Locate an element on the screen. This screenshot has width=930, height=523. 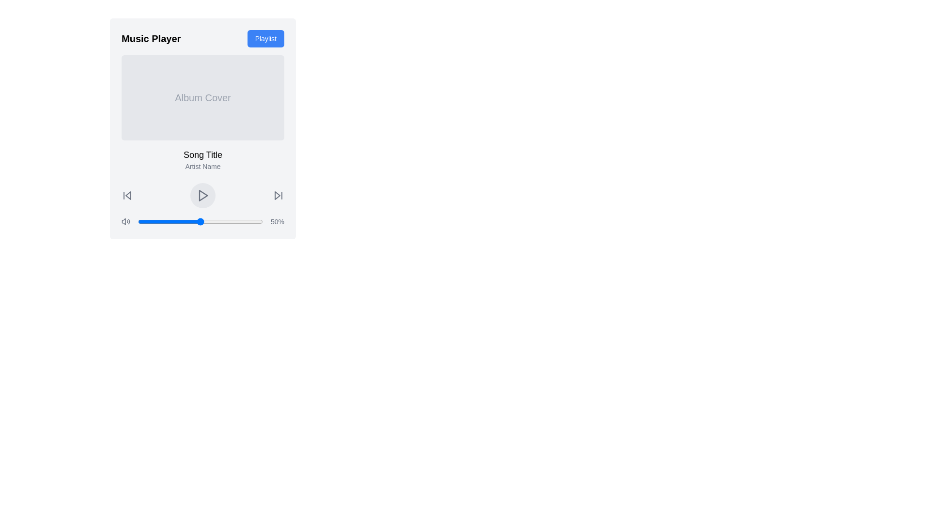
the play button symbol, which is a right-facing triangle styled in a minimalistic SVG format, located at the center of the music player interface is located at coordinates (202, 196).